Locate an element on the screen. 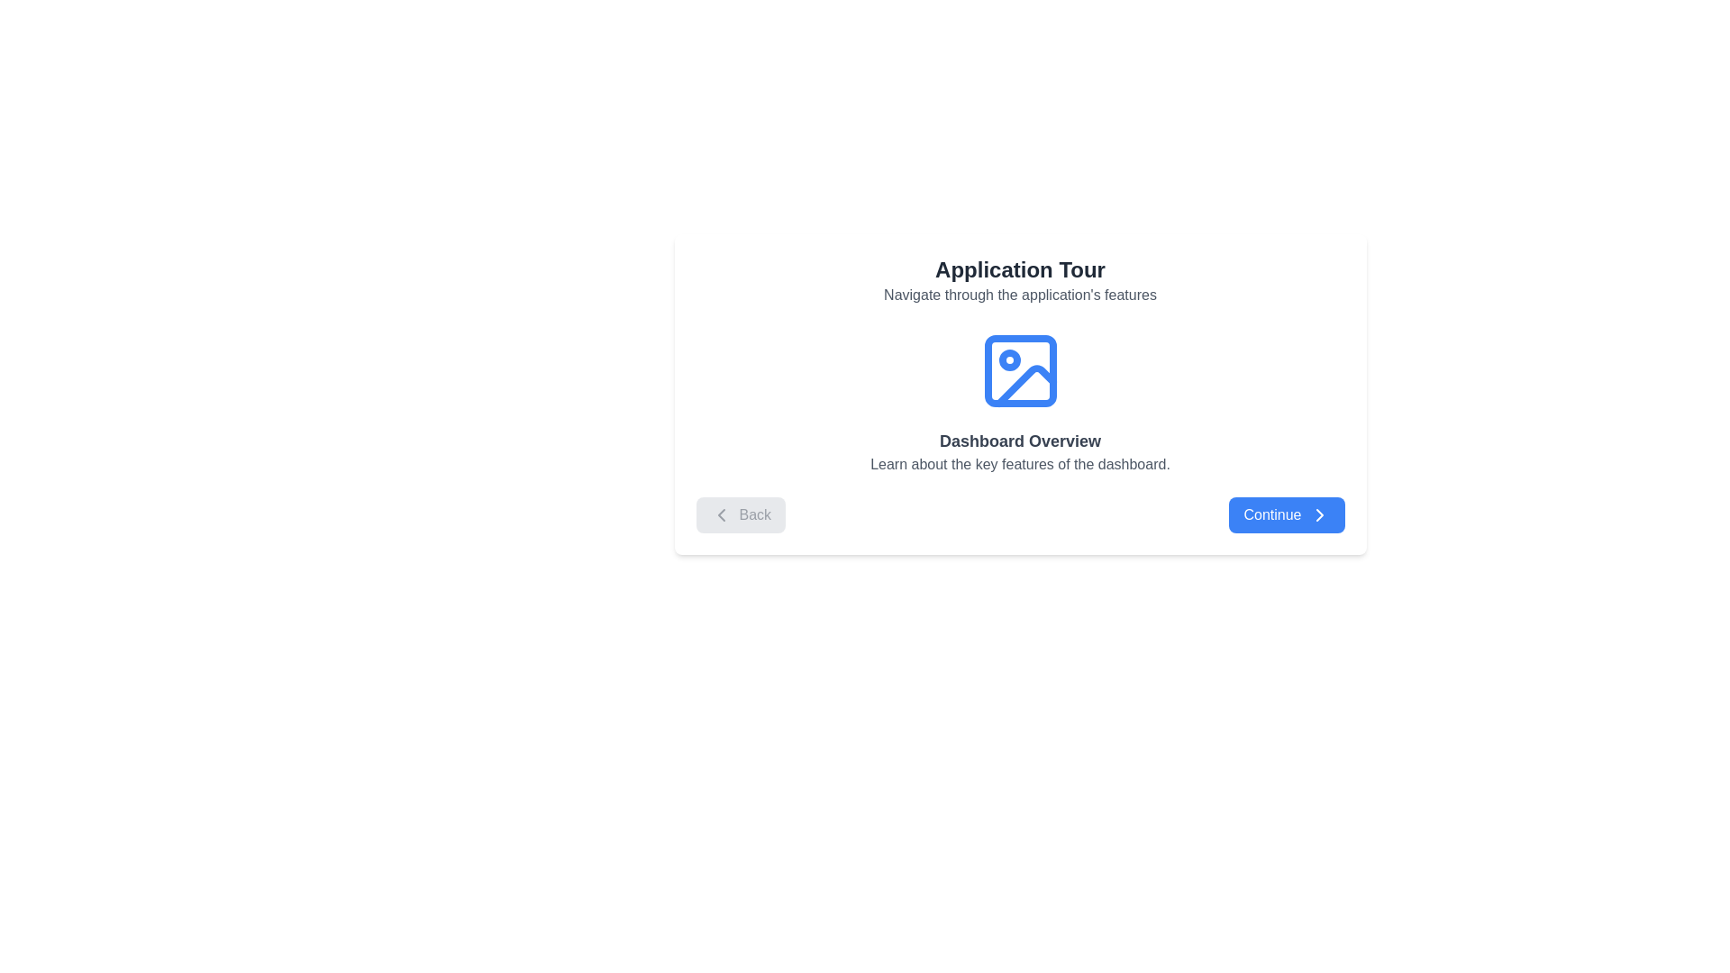 Image resolution: width=1730 pixels, height=973 pixels. the 'Back' button located at the bottom left of the interface is located at coordinates (741, 514).